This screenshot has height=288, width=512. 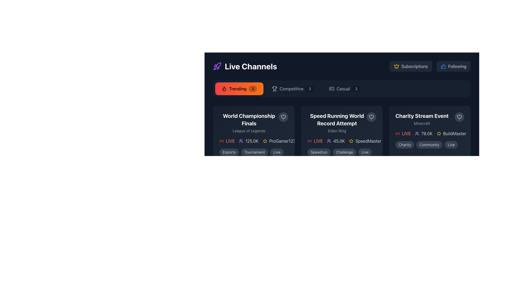 What do you see at coordinates (253, 134) in the screenshot?
I see `the first card in the grid layout representing a live broadcast` at bounding box center [253, 134].